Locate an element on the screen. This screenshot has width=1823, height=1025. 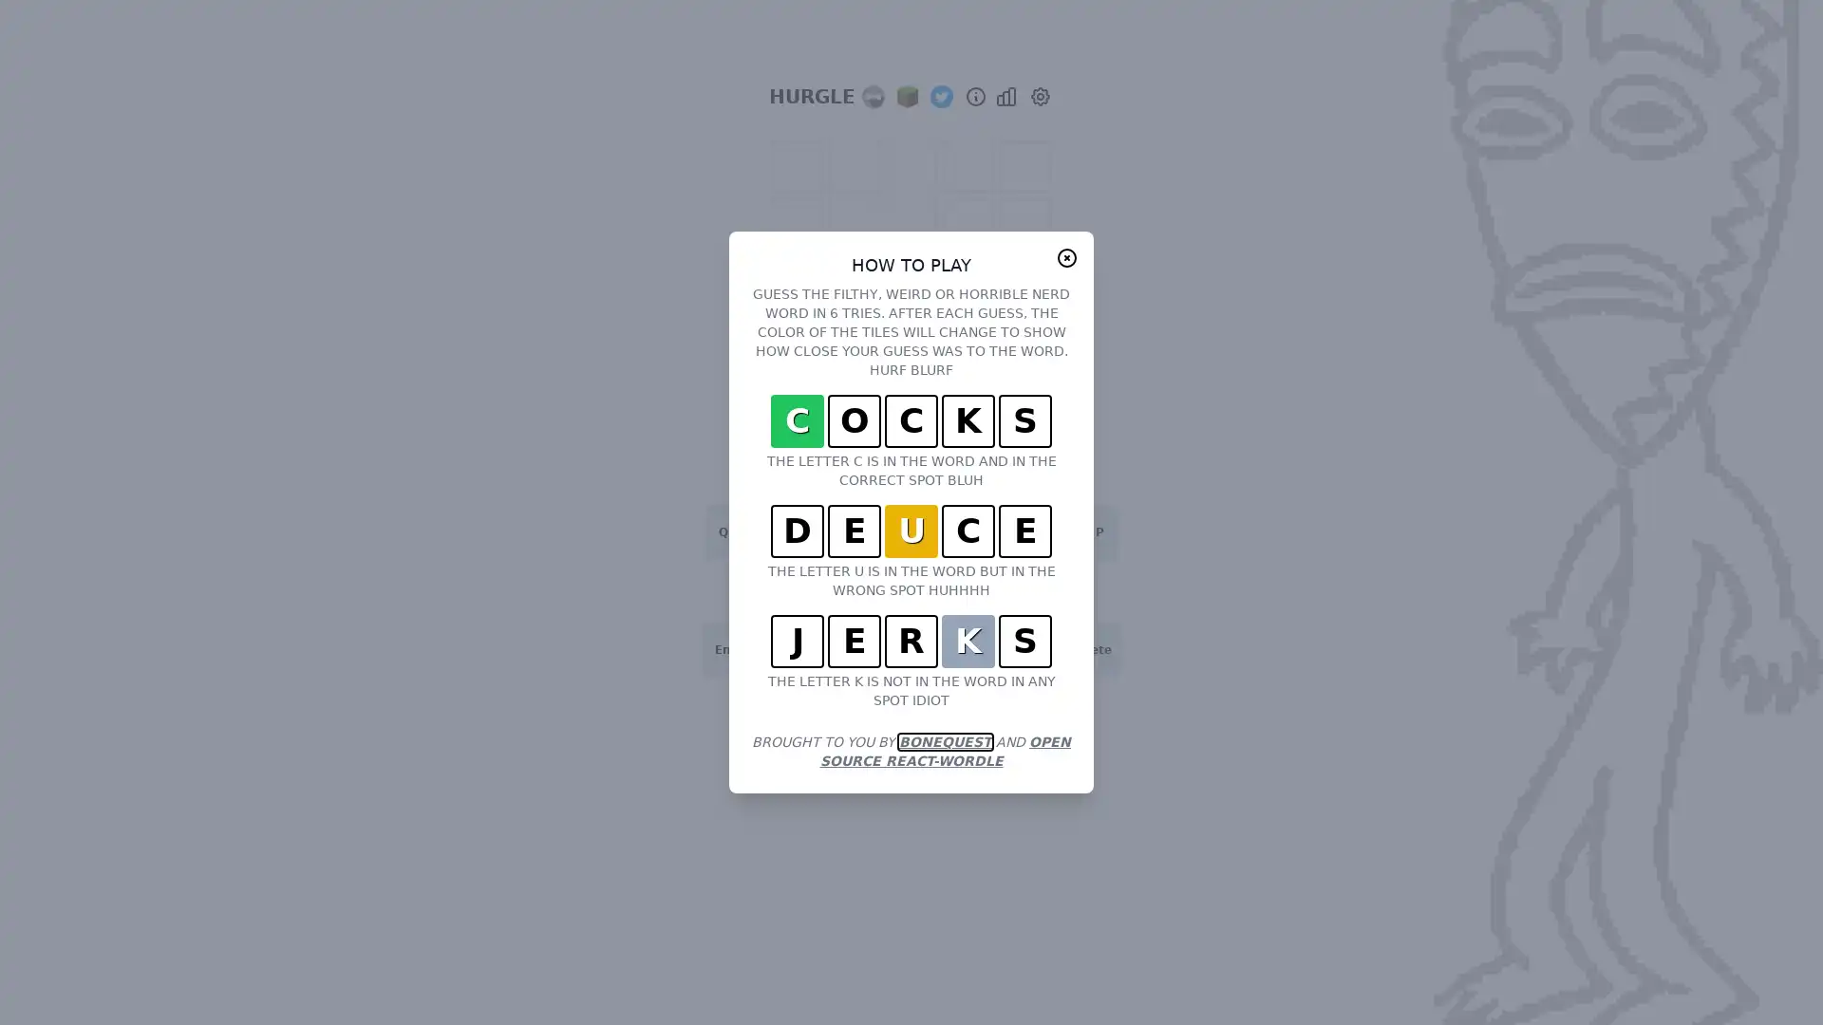
M is located at coordinates (1036, 649).